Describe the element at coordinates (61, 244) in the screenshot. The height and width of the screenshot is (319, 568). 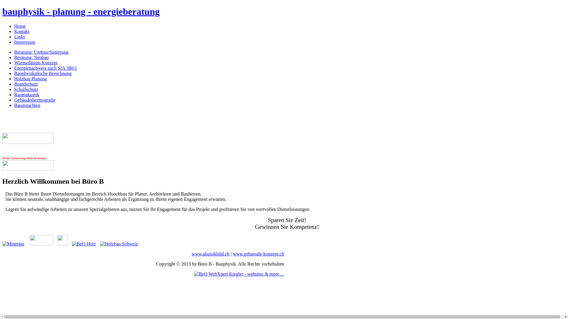
I see `'LIGNUM - Holzwirtschaft Schweiz'` at that location.